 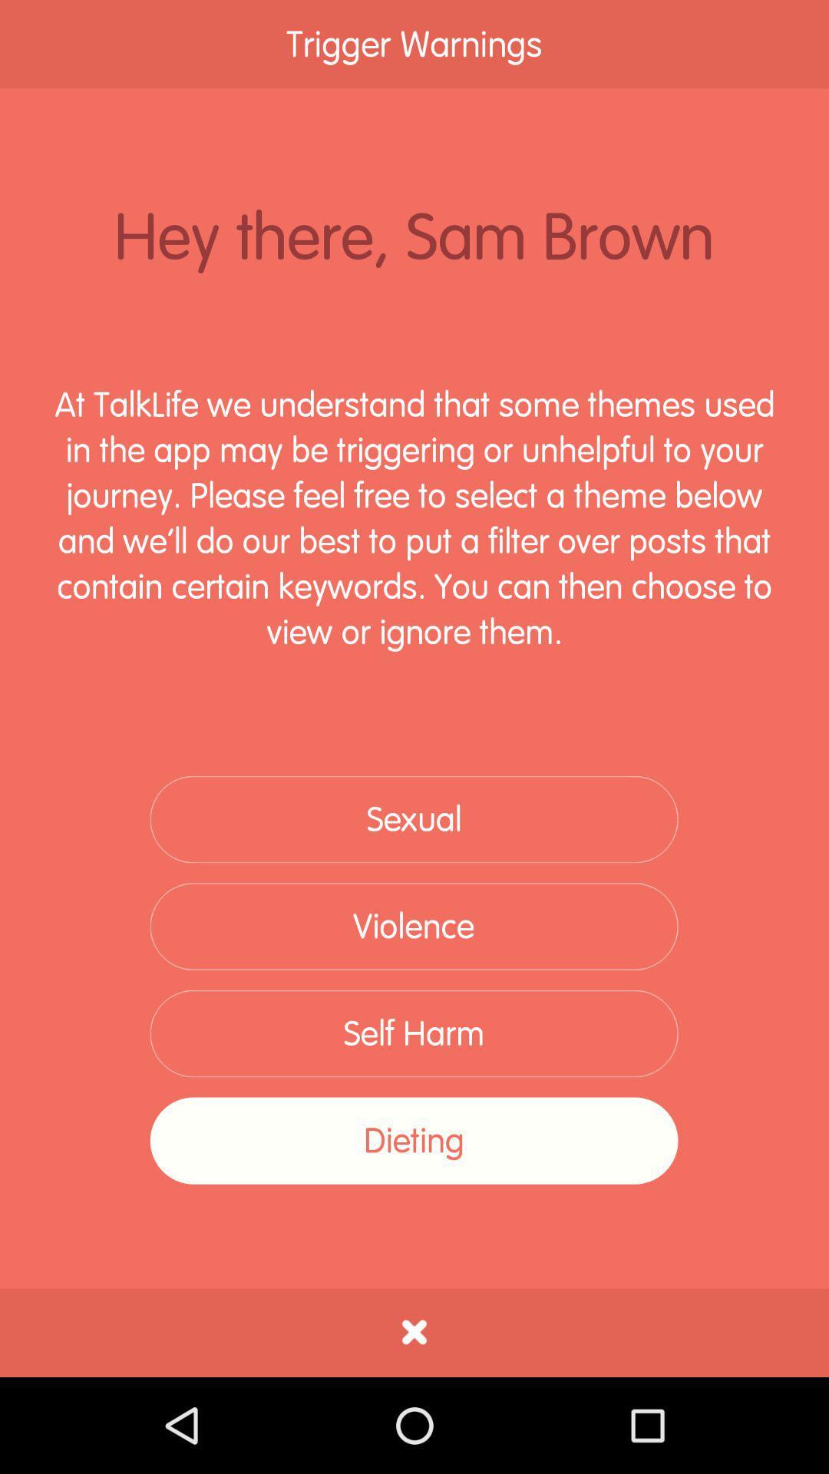 What do you see at coordinates (413, 1141) in the screenshot?
I see `icon below the self harm item` at bounding box center [413, 1141].